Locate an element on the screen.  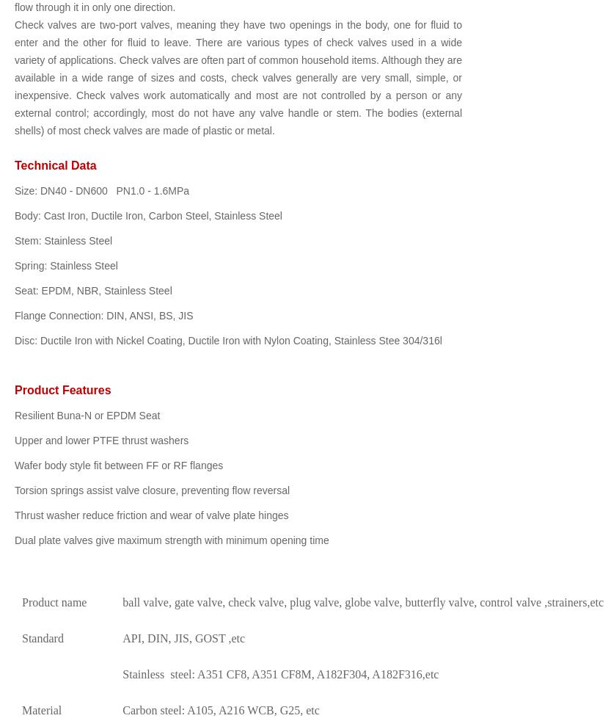
'Seat: EPDM, NBR, Stainless Steel' is located at coordinates (93, 291).